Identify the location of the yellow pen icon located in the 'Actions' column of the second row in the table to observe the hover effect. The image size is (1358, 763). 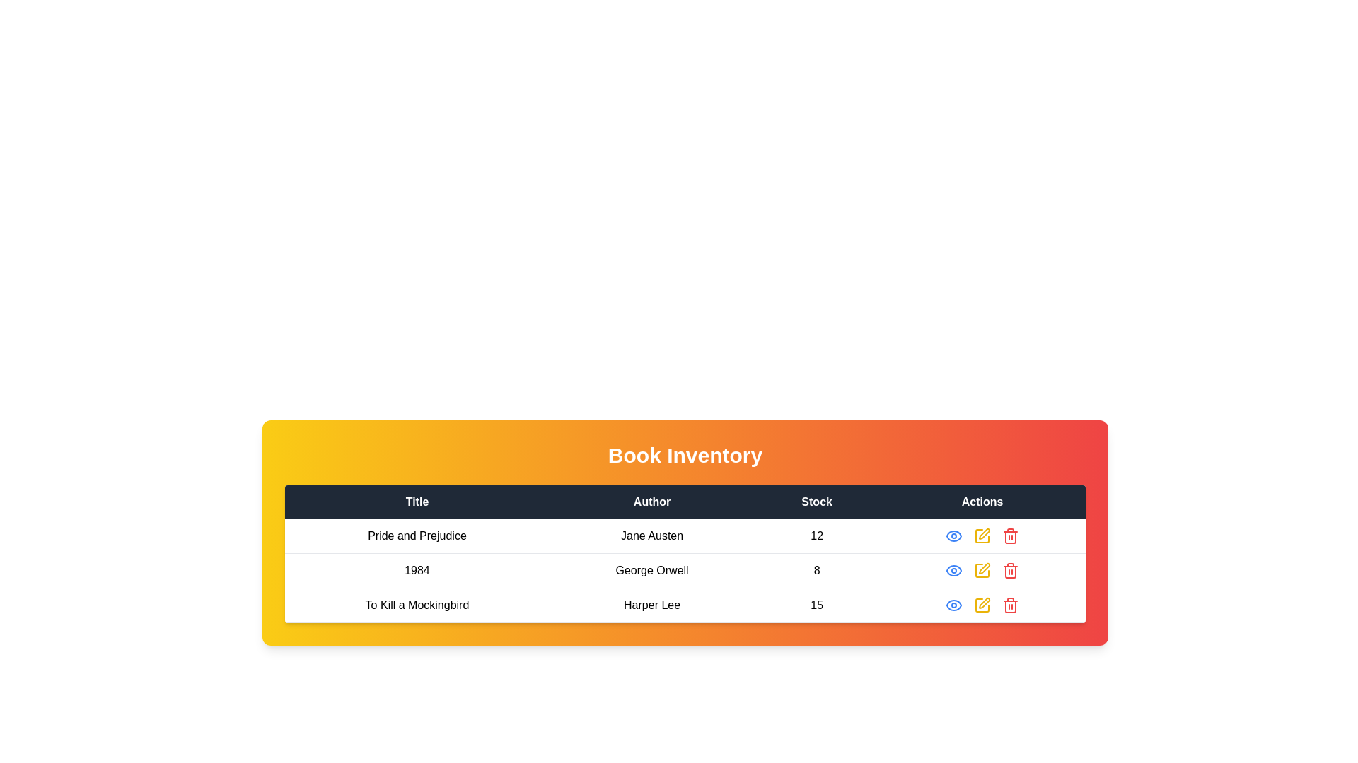
(982, 569).